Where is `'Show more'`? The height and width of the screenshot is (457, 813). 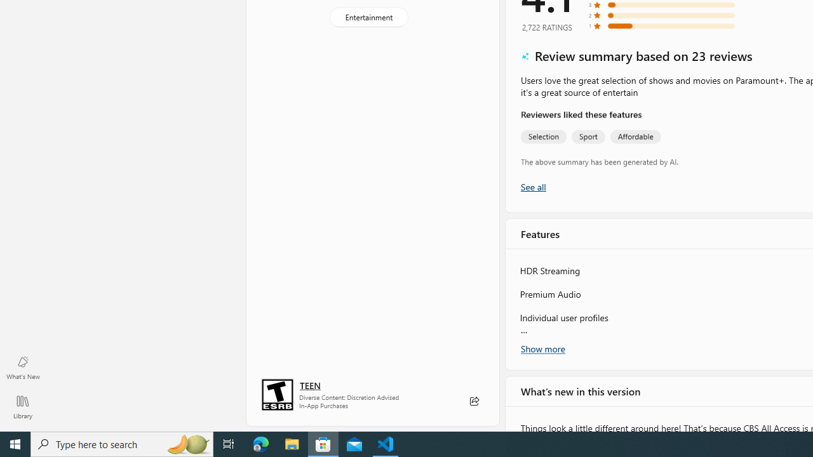 'Show more' is located at coordinates (543, 348).